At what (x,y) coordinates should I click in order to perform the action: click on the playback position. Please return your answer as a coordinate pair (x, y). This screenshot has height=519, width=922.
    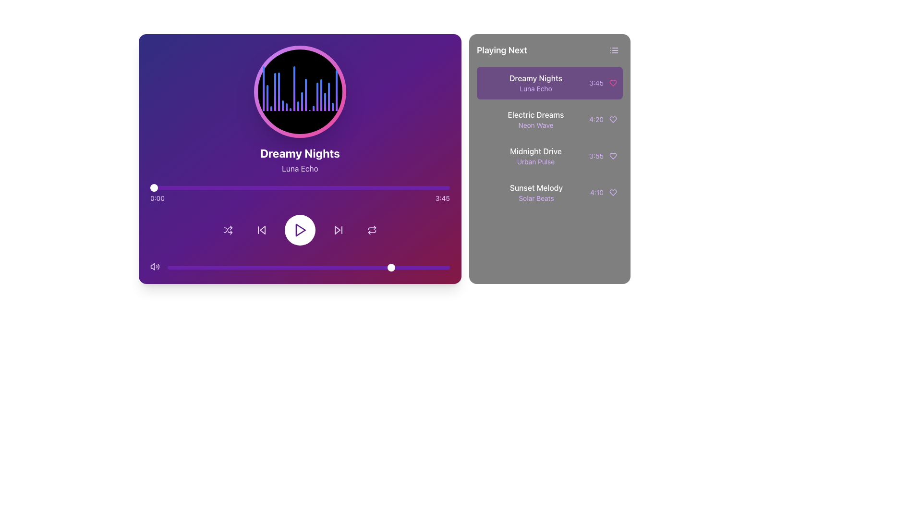
    Looking at the image, I should click on (232, 187).